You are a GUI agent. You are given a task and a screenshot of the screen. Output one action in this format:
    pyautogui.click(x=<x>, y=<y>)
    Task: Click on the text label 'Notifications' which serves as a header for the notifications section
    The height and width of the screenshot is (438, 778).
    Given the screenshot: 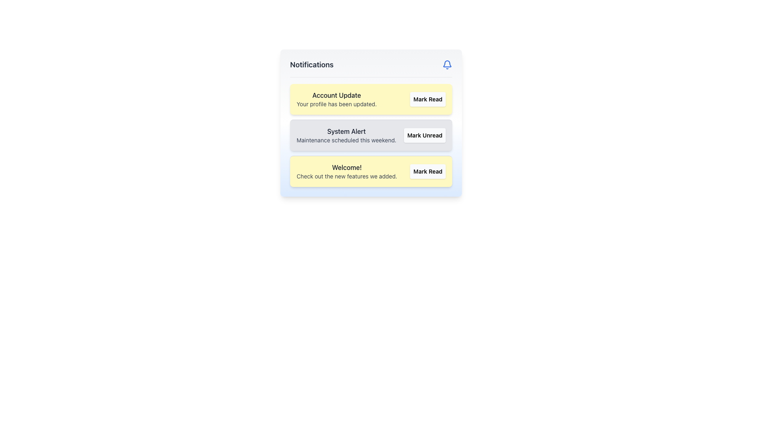 What is the action you would take?
    pyautogui.click(x=311, y=64)
    